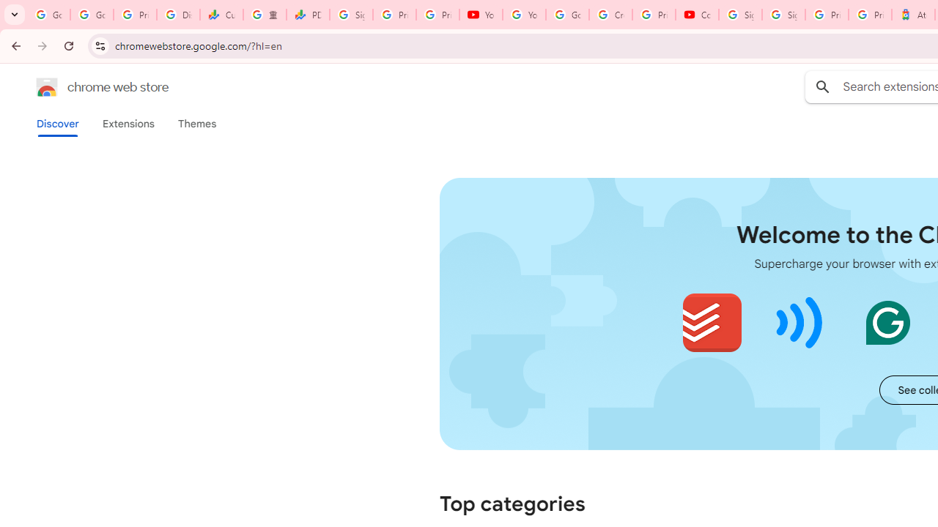  What do you see at coordinates (696, 15) in the screenshot?
I see `'Content Creator Programs & Opportunities - YouTube Creators'` at bounding box center [696, 15].